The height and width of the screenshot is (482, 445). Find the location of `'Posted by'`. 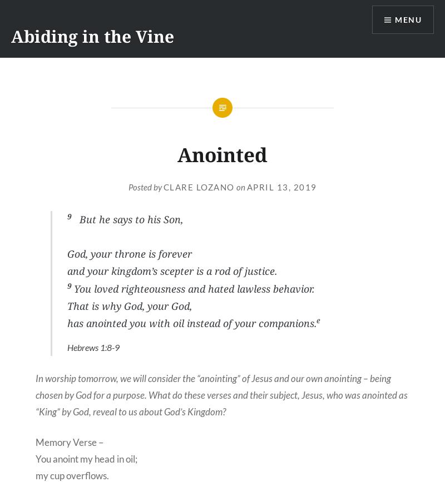

'Posted by' is located at coordinates (127, 187).